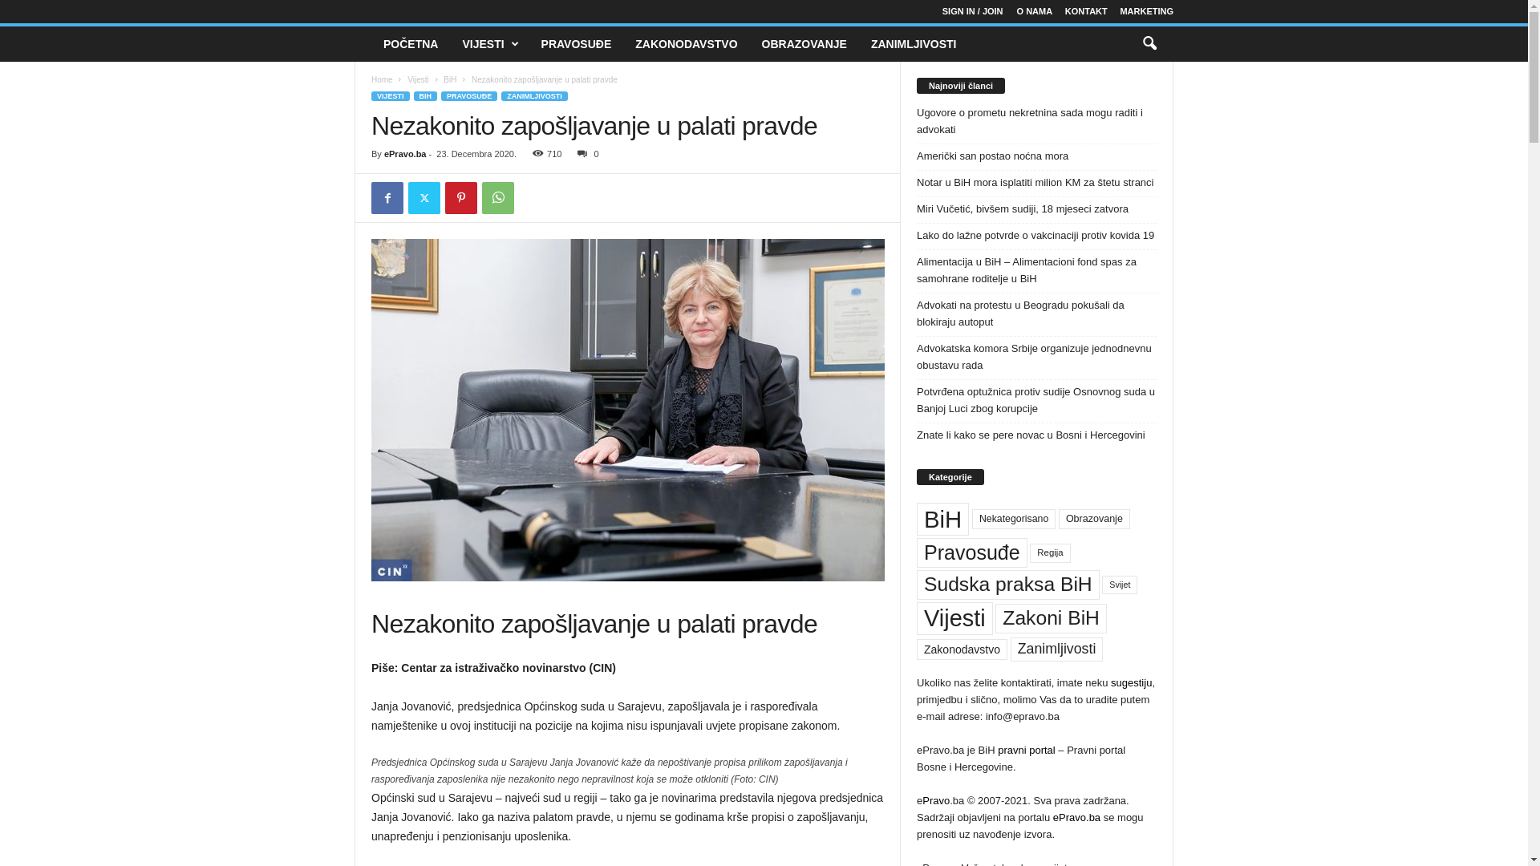 The height and width of the screenshot is (866, 1540). I want to click on 'Nekategorisano', so click(1012, 519).